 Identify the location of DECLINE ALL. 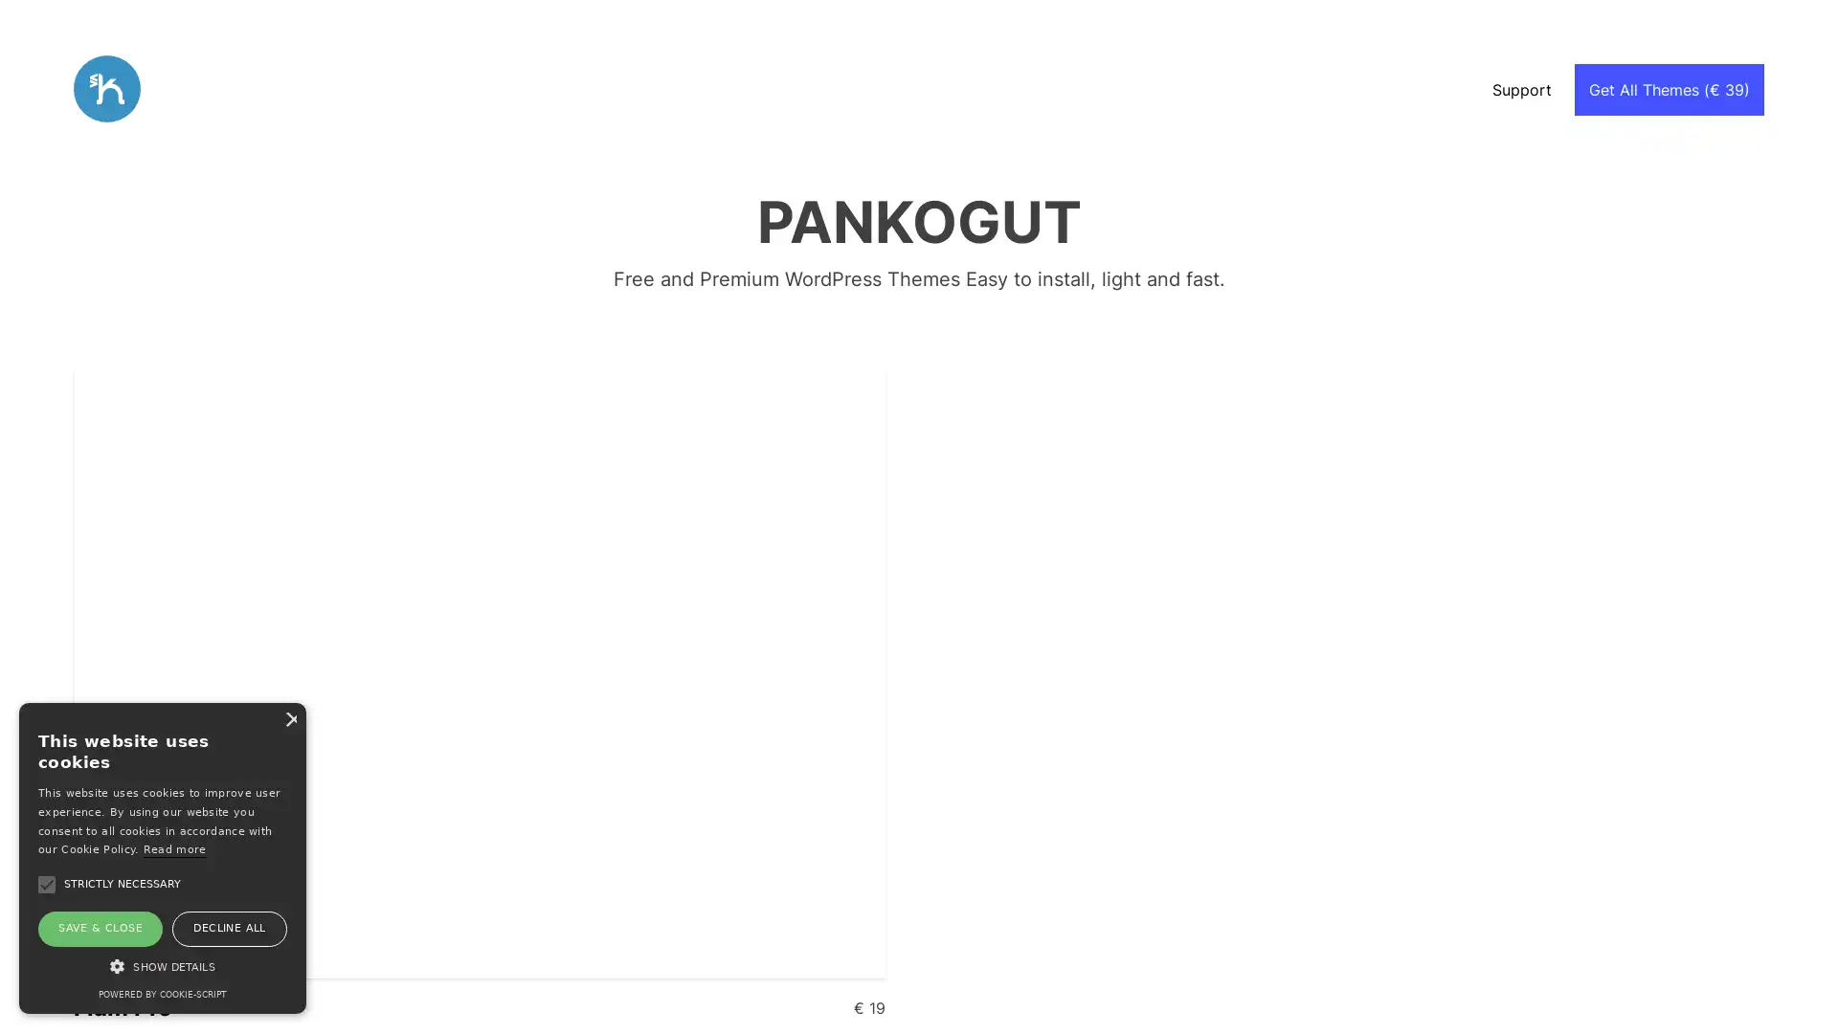
(230, 928).